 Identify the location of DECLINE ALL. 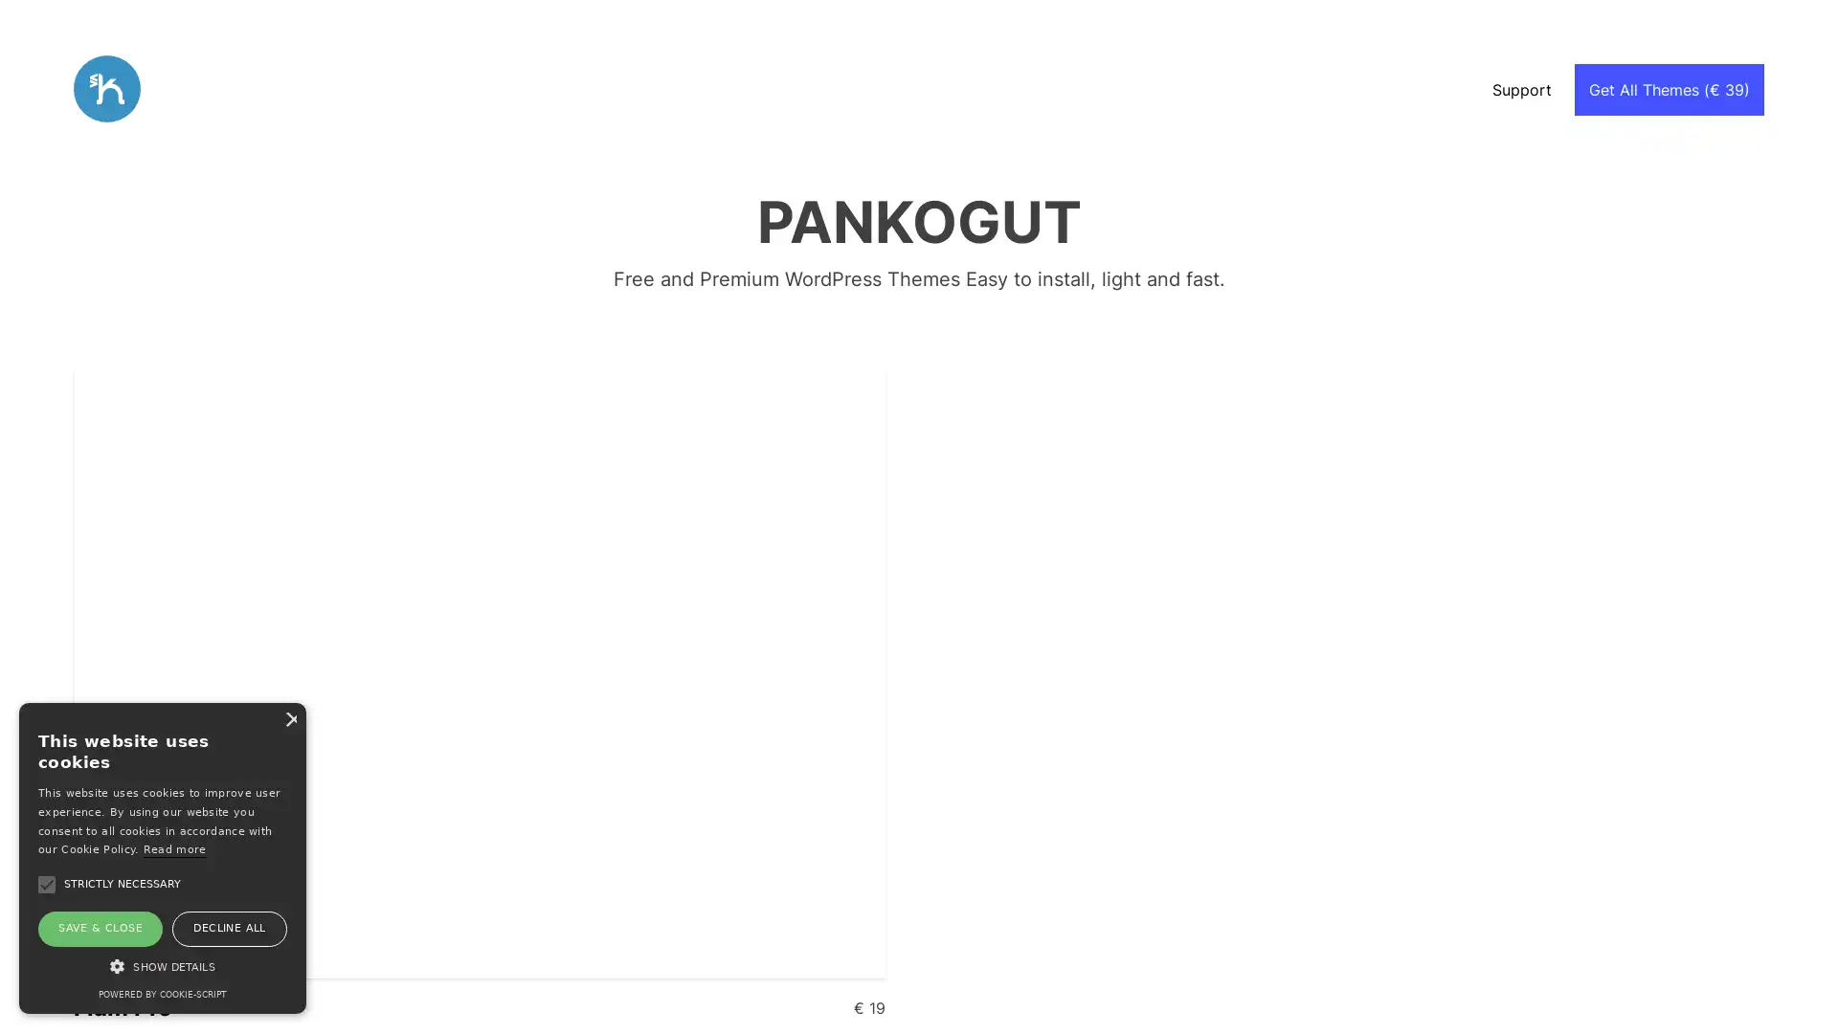
(230, 928).